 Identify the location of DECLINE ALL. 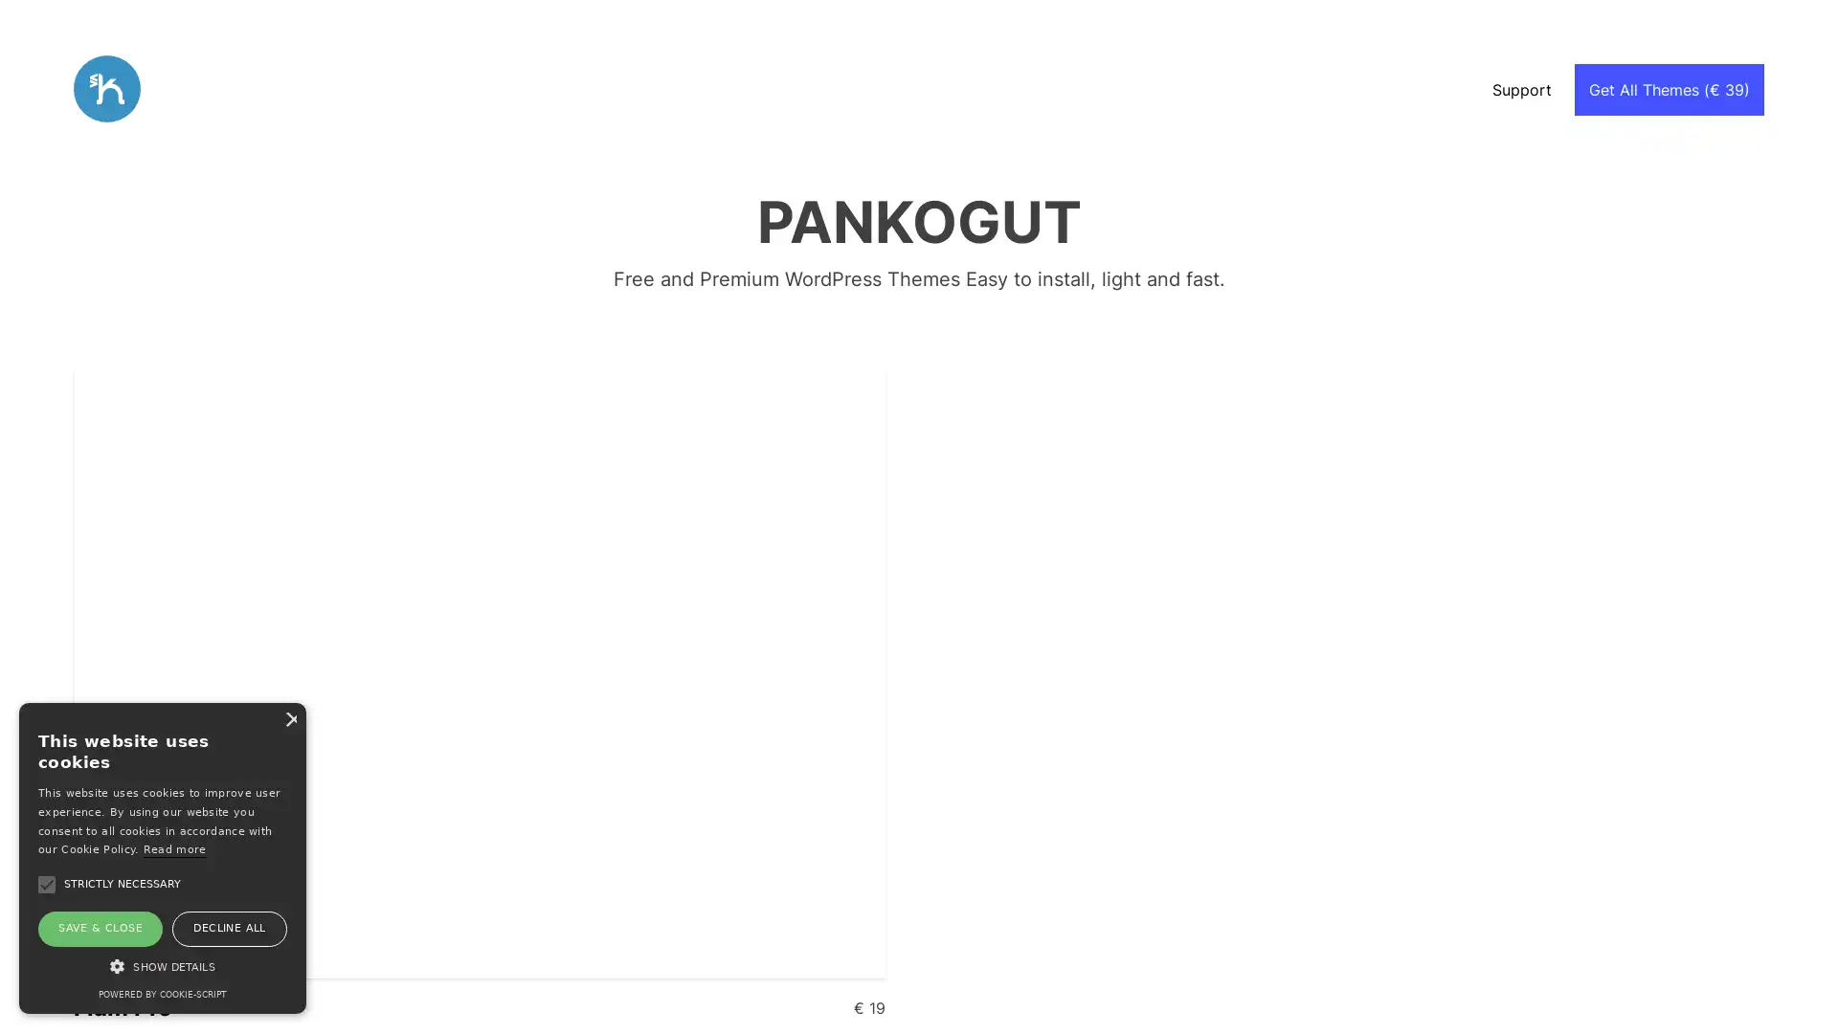
(230, 928).